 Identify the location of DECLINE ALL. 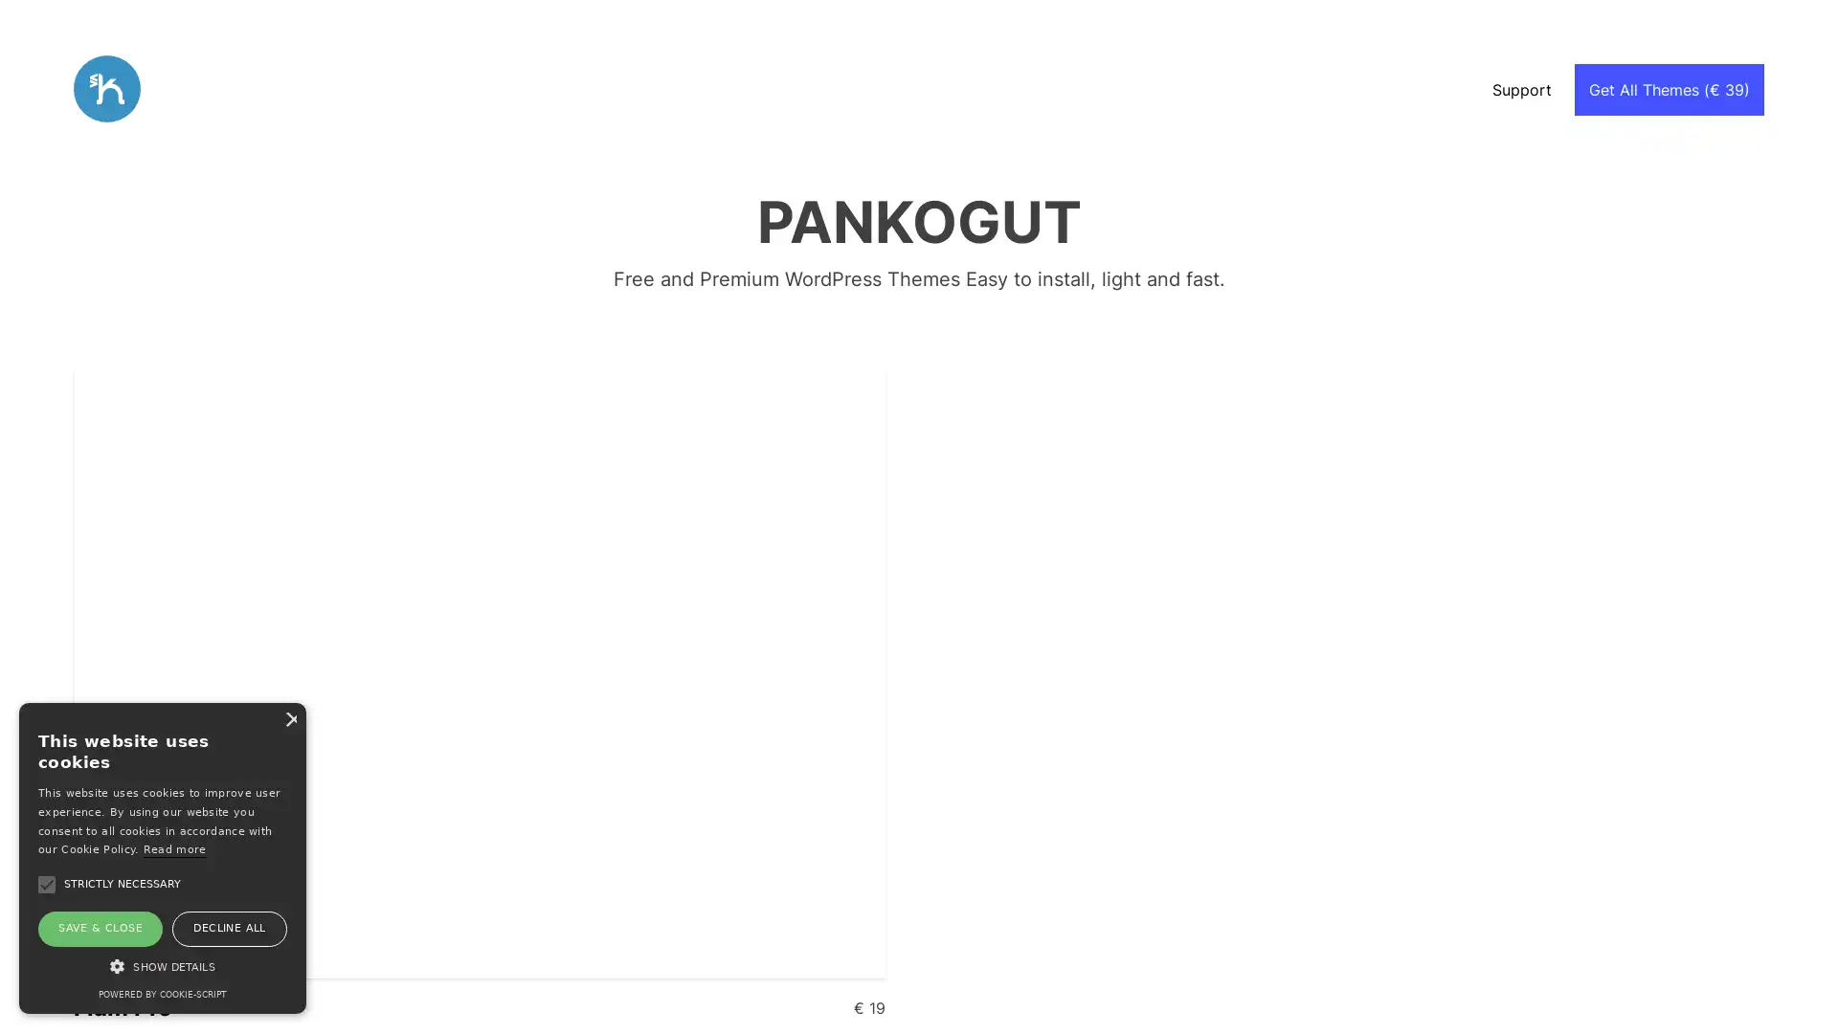
(230, 928).